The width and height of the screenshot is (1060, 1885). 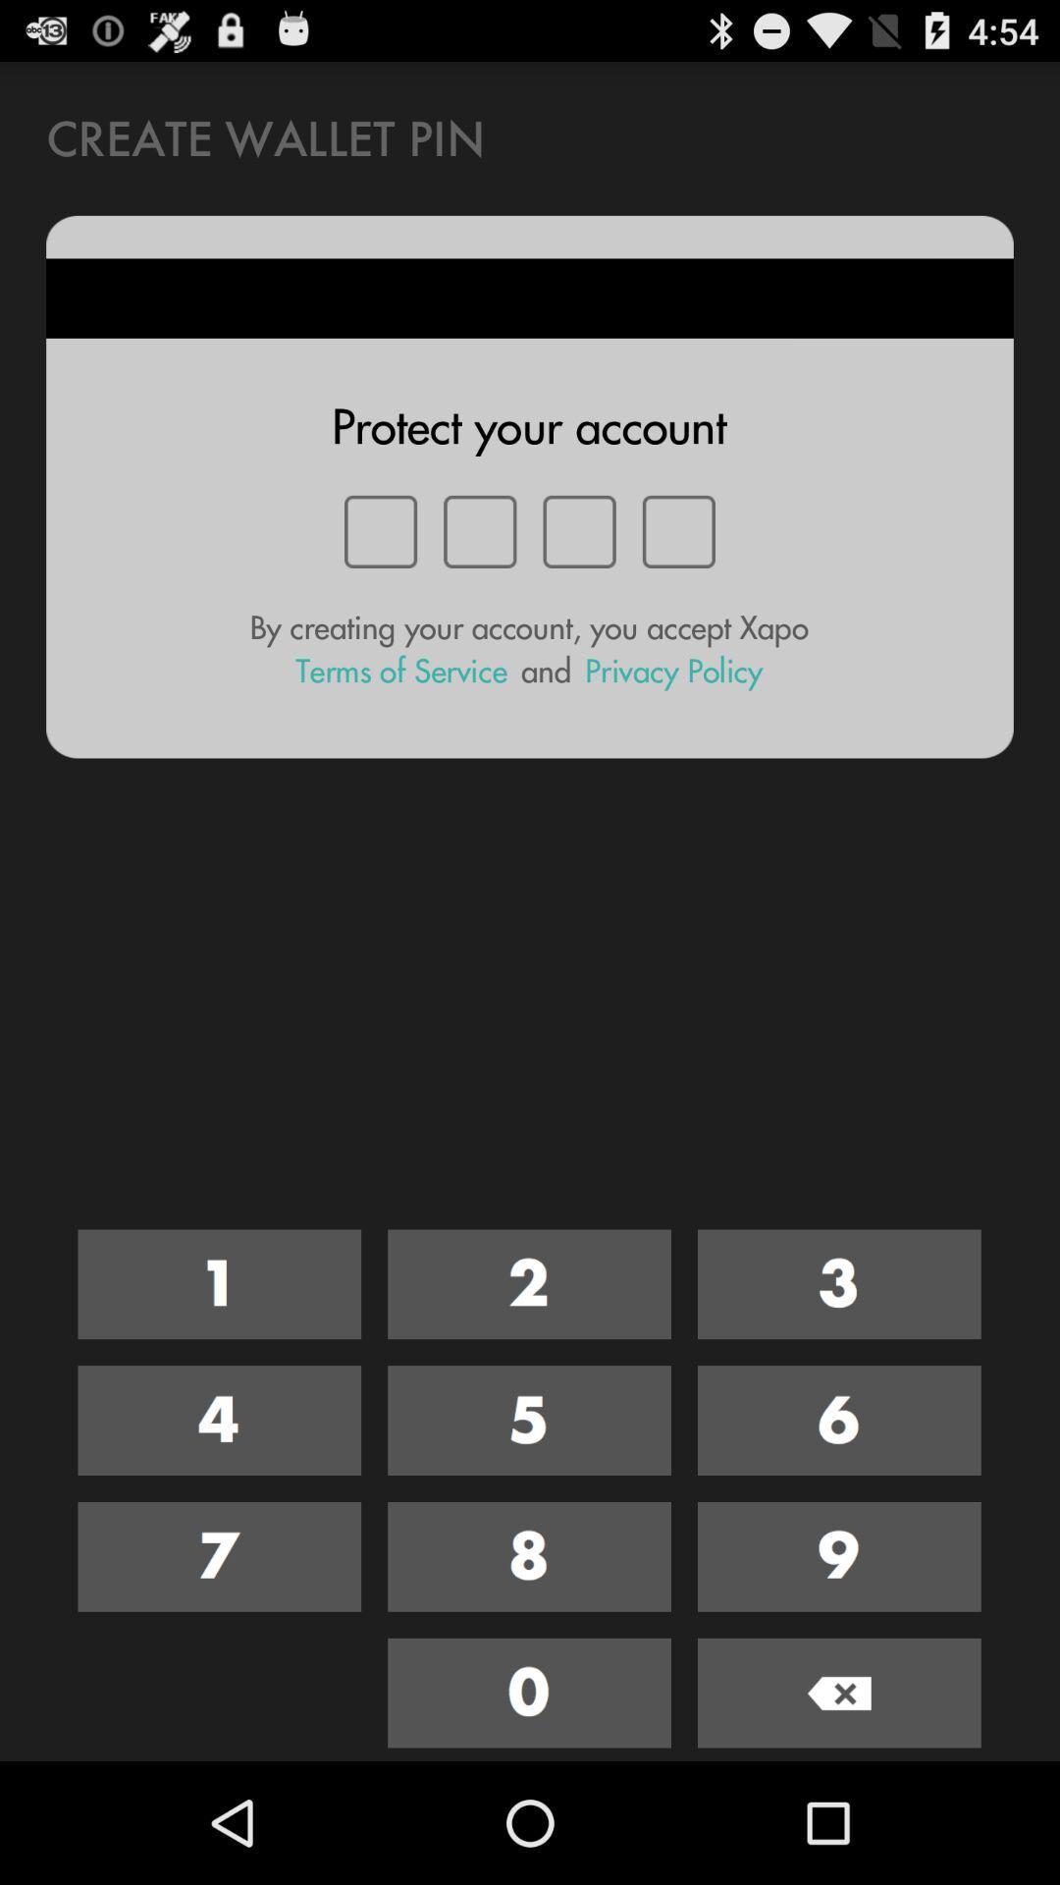 What do you see at coordinates (528, 1421) in the screenshot?
I see `four digit pin` at bounding box center [528, 1421].